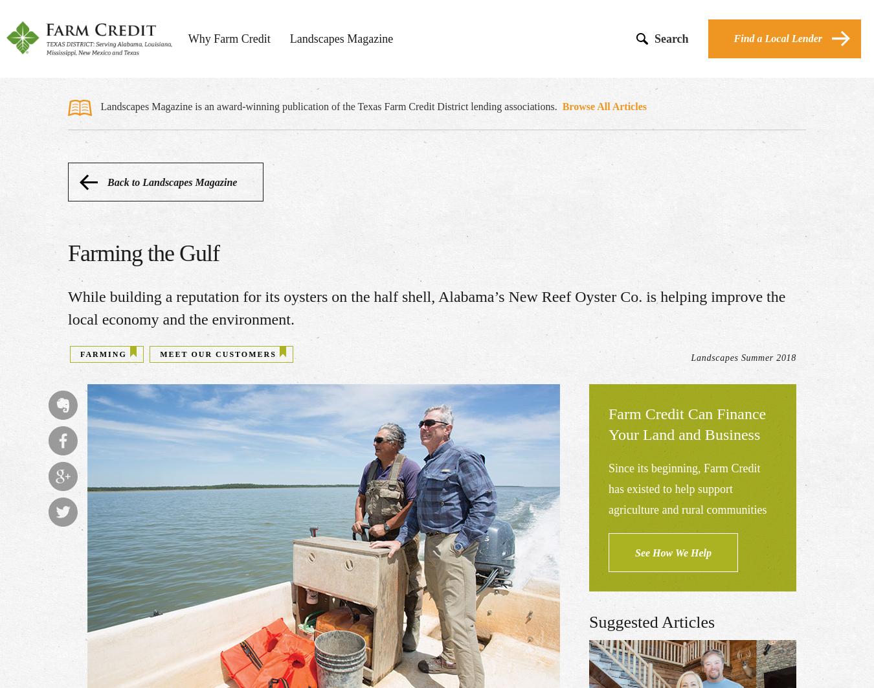 Image resolution: width=874 pixels, height=688 pixels. Describe the element at coordinates (651, 621) in the screenshot. I see `'Suggested Articles'` at that location.